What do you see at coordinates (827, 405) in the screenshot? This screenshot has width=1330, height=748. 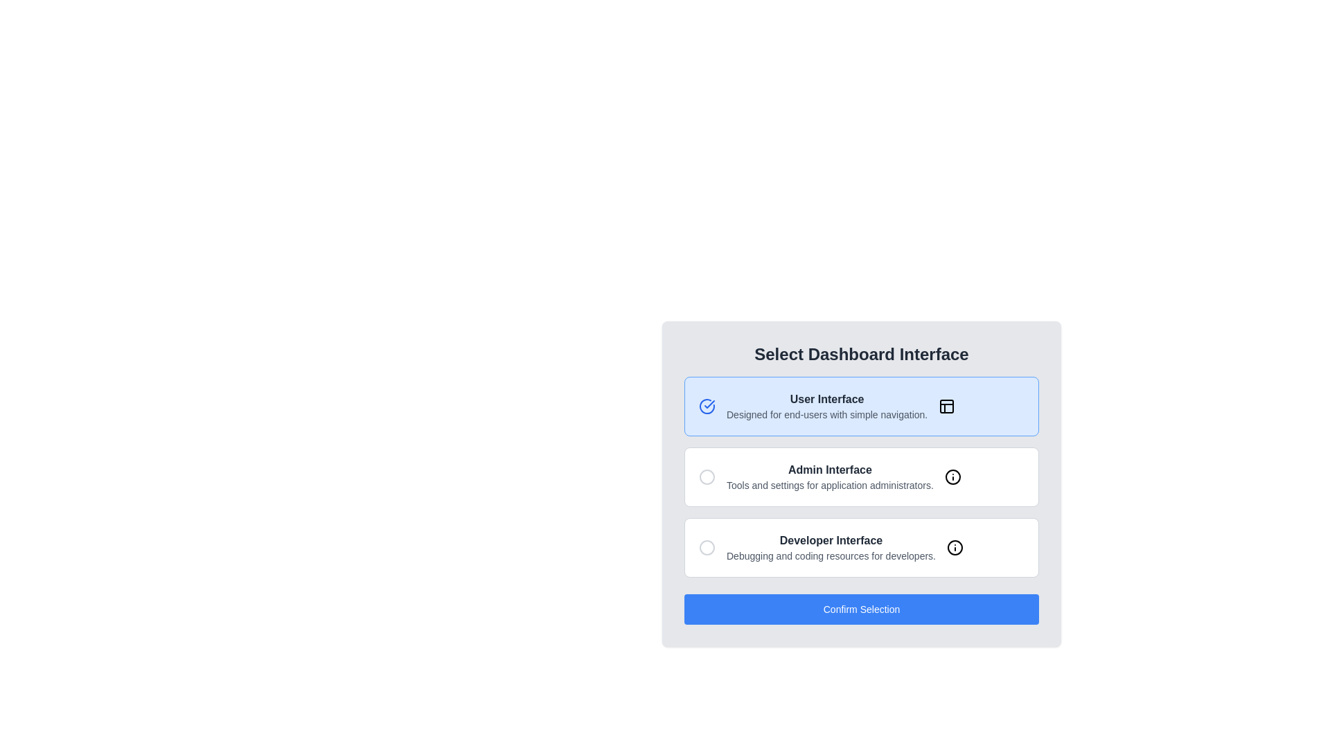 I see `the 'User Interface' text block element, which features bold text and a light blue background, located at the top of the selectable interface options` at bounding box center [827, 405].